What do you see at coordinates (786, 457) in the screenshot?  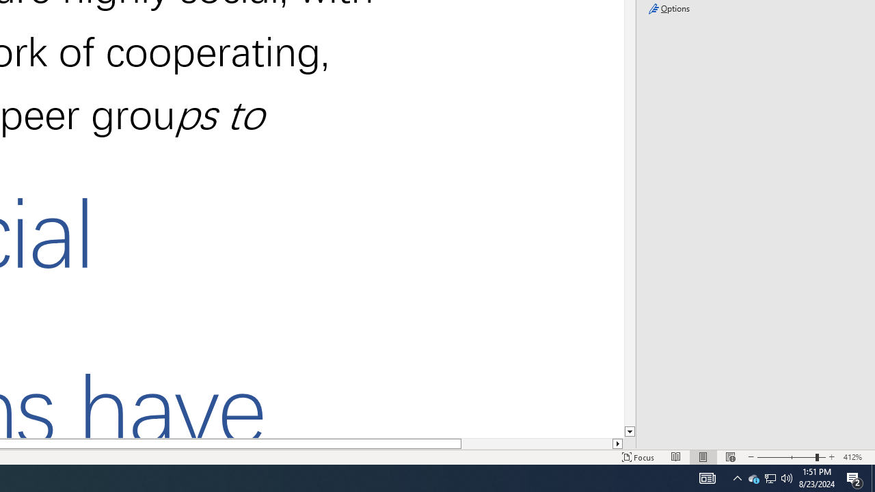 I see `'Zoom Out'` at bounding box center [786, 457].